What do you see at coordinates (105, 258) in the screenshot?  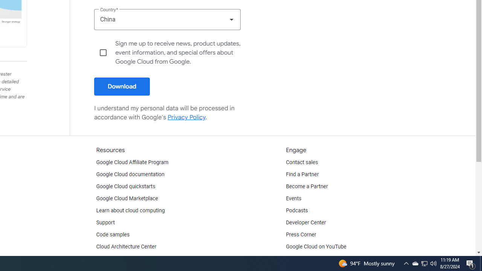 I see `'Training'` at bounding box center [105, 258].